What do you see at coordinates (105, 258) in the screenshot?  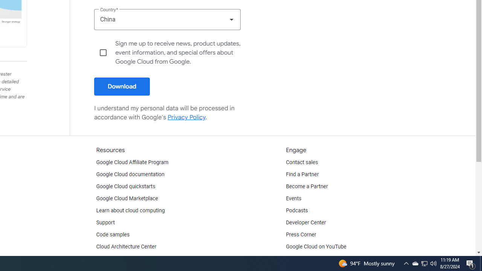 I see `'Training'` at bounding box center [105, 258].